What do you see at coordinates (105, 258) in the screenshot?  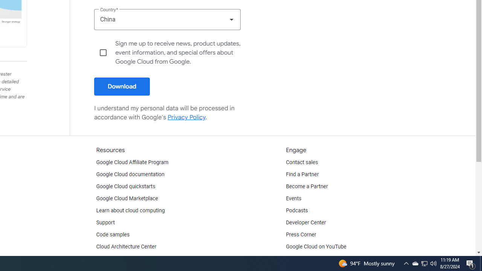 I see `'Training'` at bounding box center [105, 258].